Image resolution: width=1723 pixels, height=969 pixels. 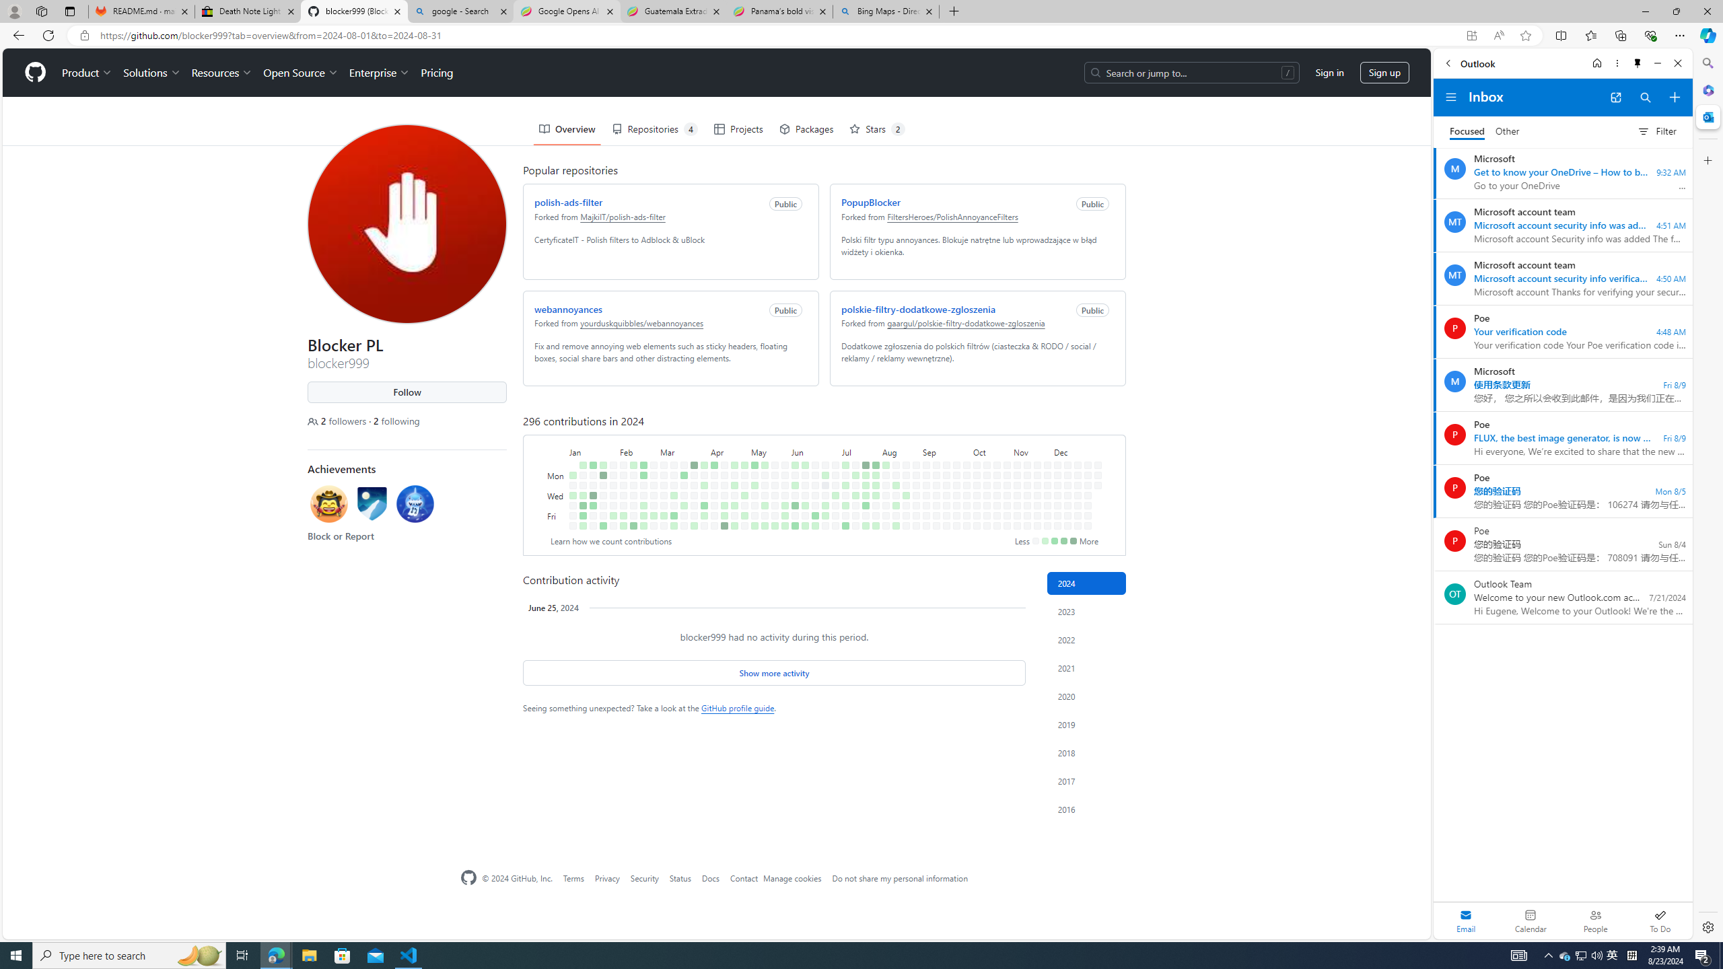 I want to click on 'Microsoft 365', so click(x=1706, y=90).